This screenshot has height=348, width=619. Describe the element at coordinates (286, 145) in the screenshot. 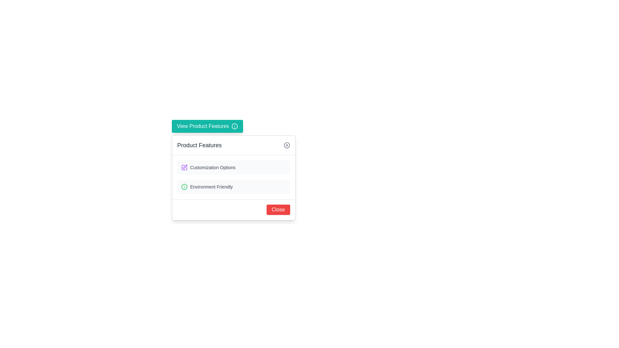

I see `the dismiss button located at the top-right corner of the 'Product Features' panel` at that location.